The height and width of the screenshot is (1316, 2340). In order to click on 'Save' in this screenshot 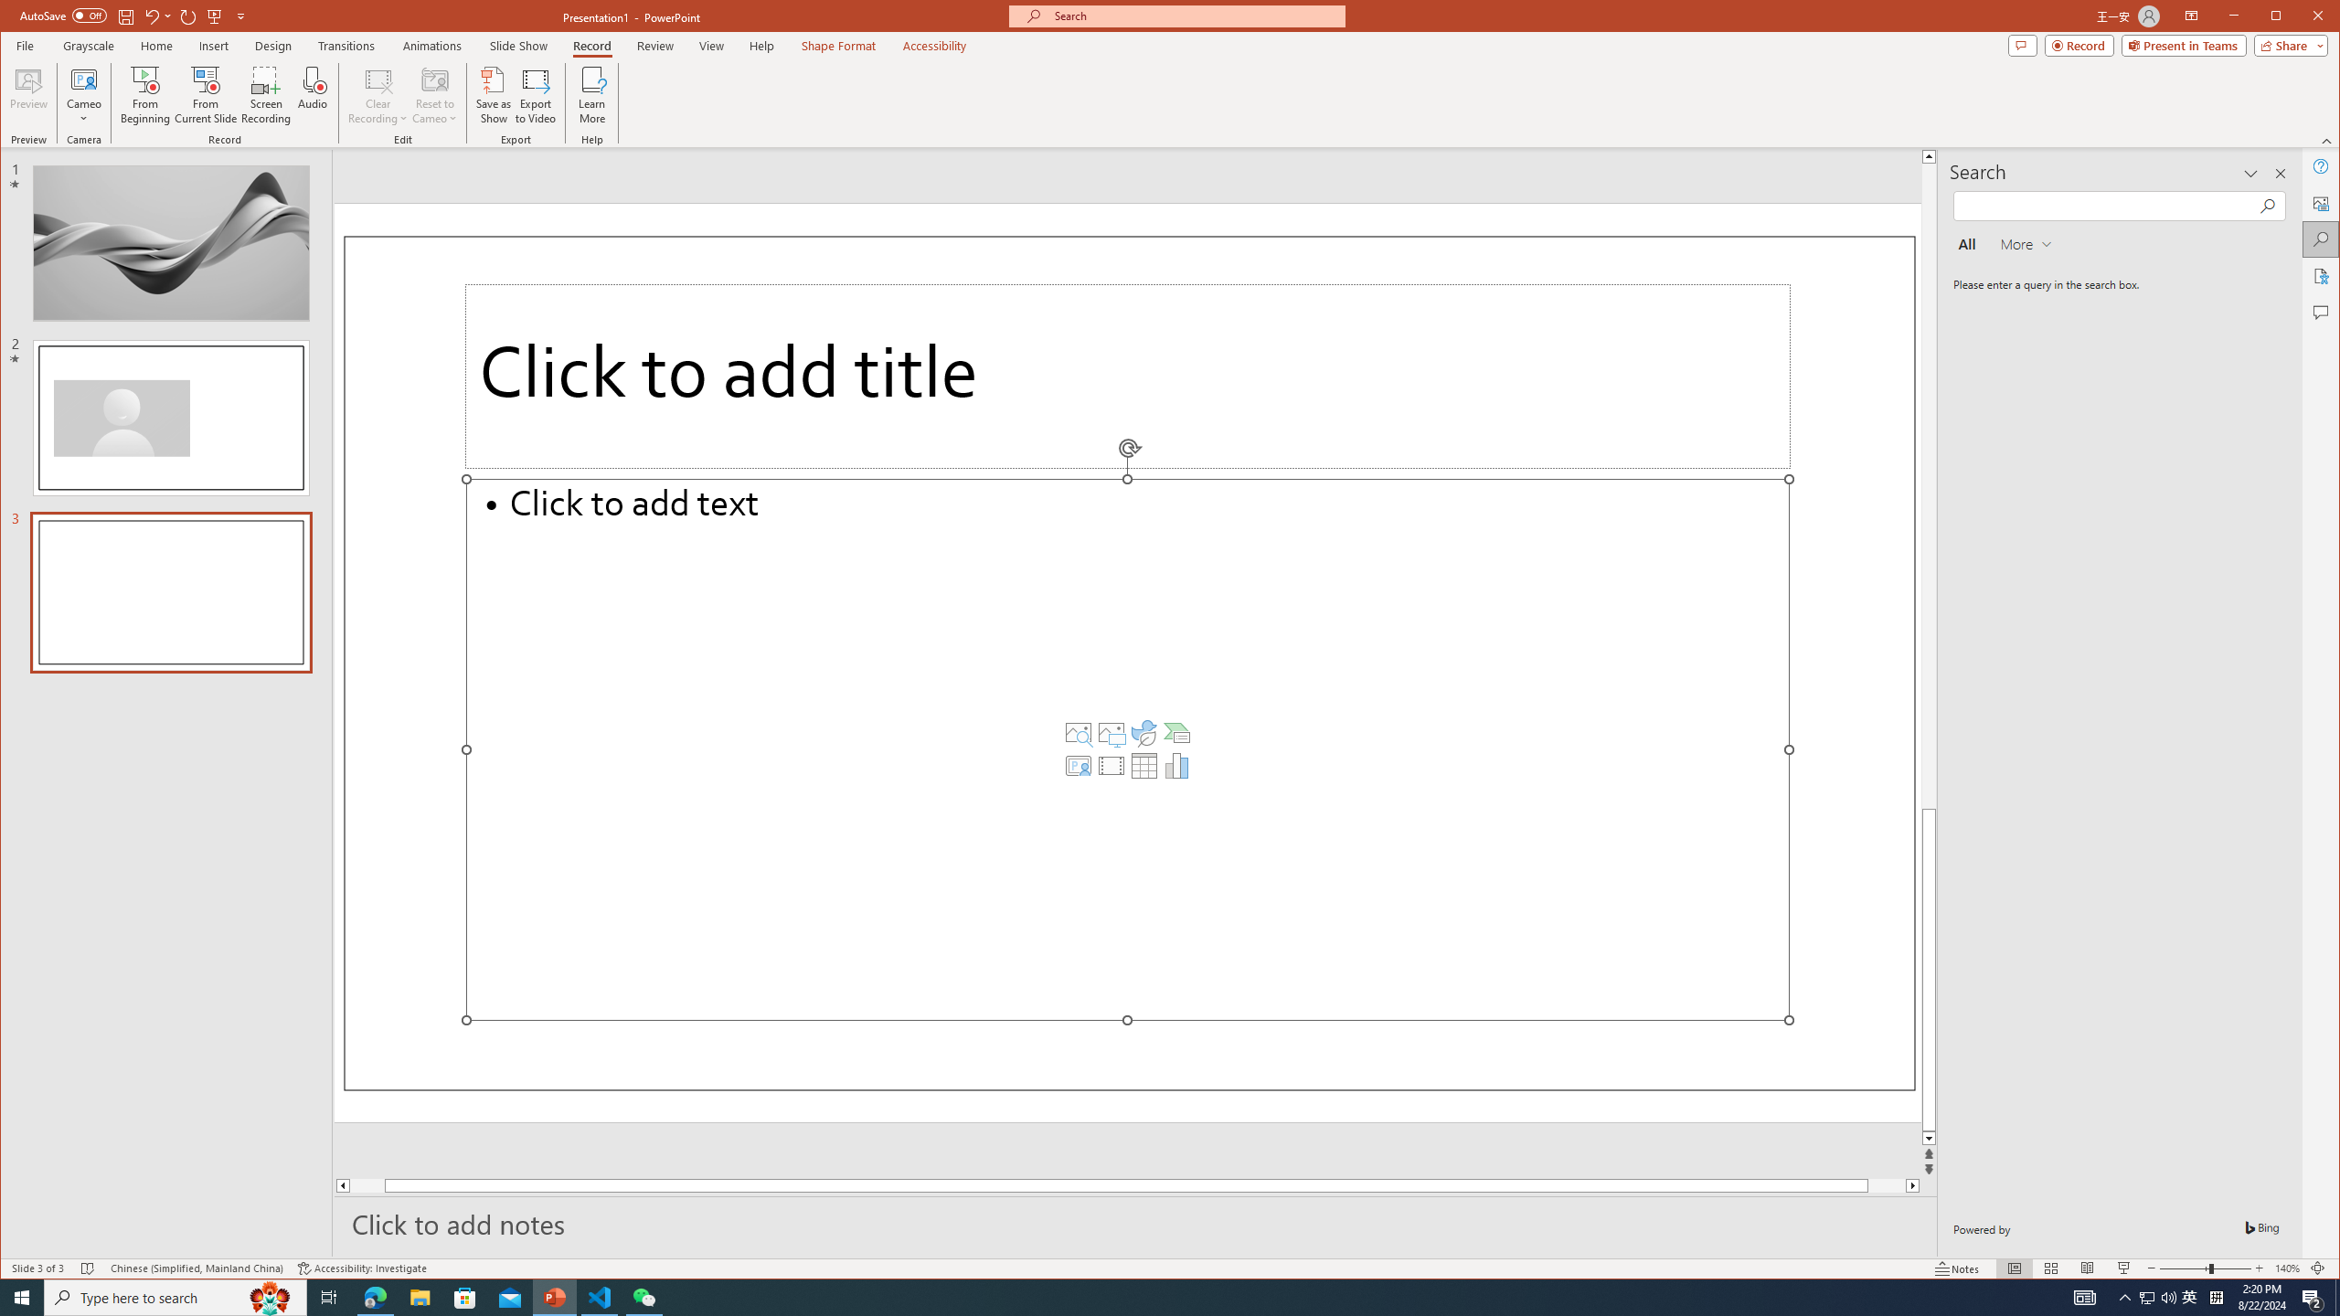, I will do `click(123, 15)`.